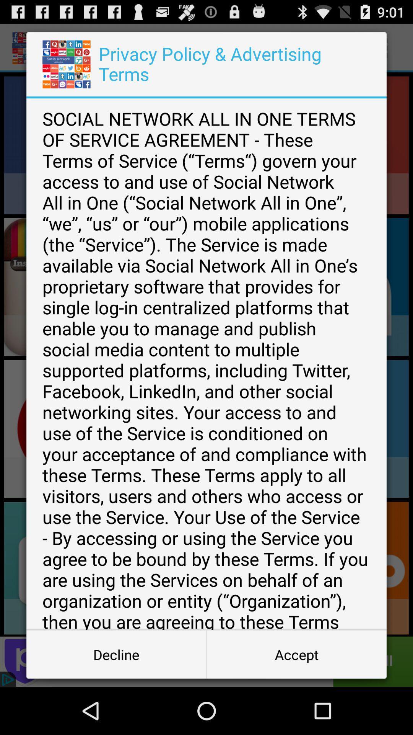 This screenshot has height=735, width=413. I want to click on social network all, so click(206, 364).